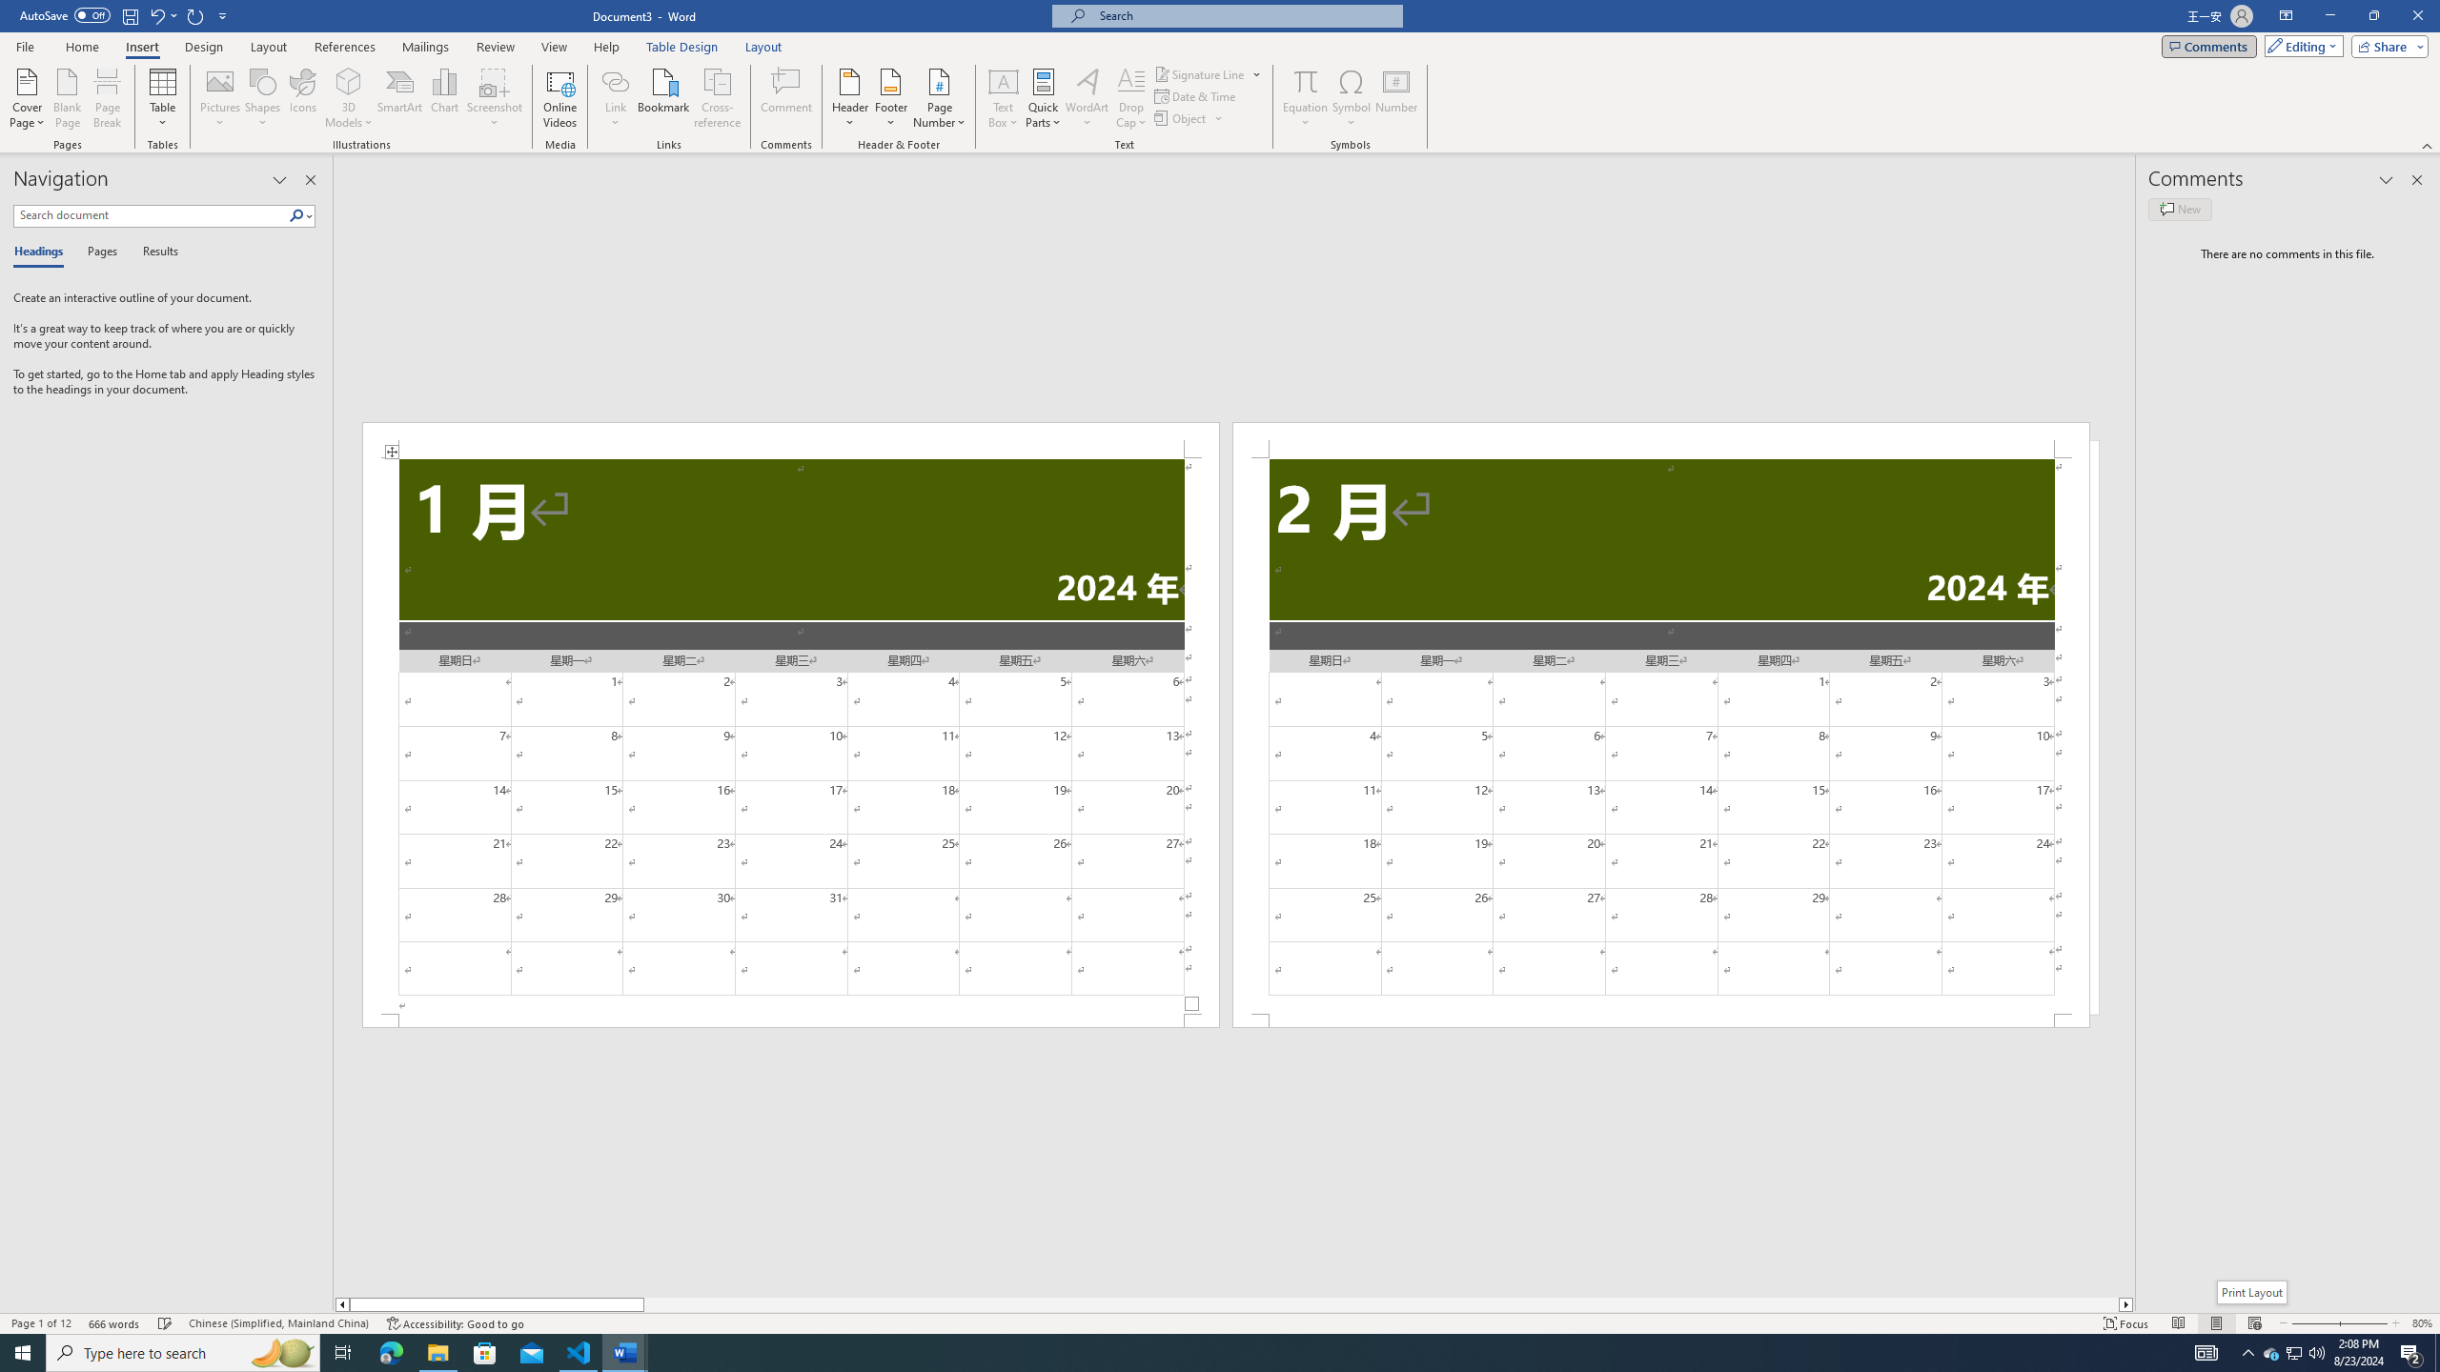  Describe the element at coordinates (1130, 98) in the screenshot. I see `'Drop Cap'` at that location.